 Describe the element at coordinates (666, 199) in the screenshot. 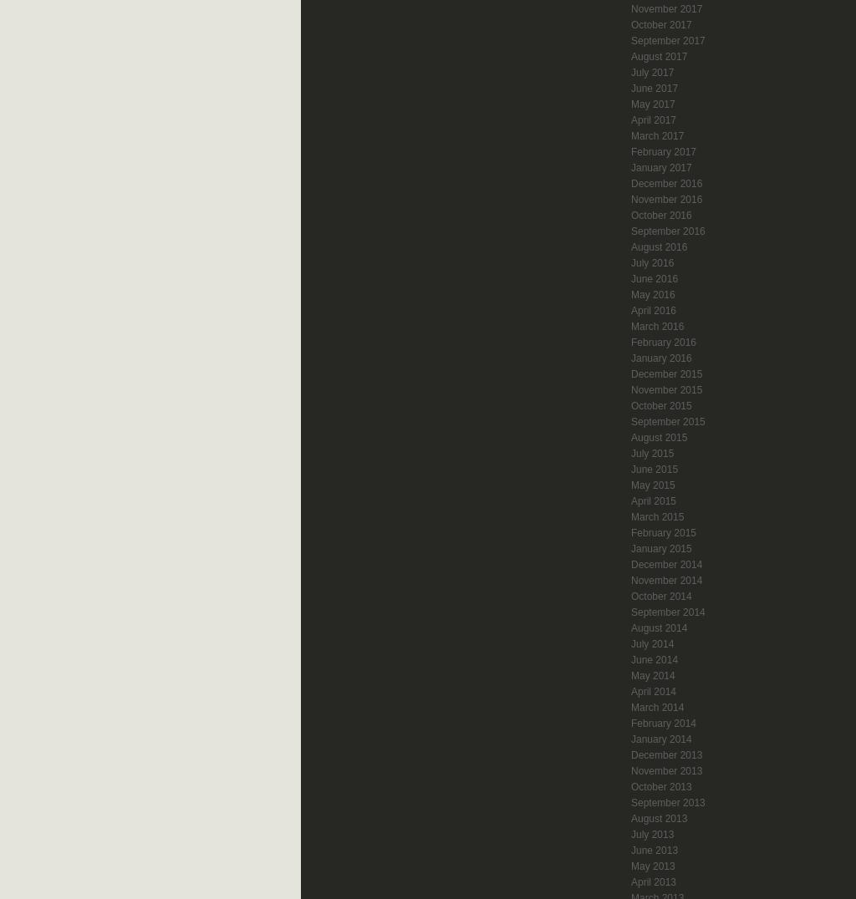

I see `'November 2016'` at that location.